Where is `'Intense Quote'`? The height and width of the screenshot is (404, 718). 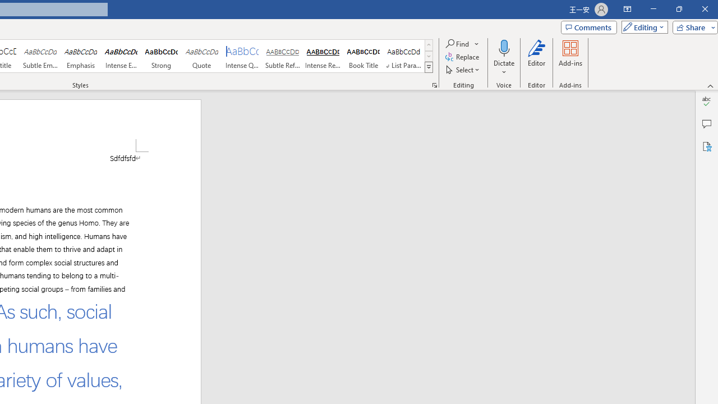 'Intense Quote' is located at coordinates (242, 56).